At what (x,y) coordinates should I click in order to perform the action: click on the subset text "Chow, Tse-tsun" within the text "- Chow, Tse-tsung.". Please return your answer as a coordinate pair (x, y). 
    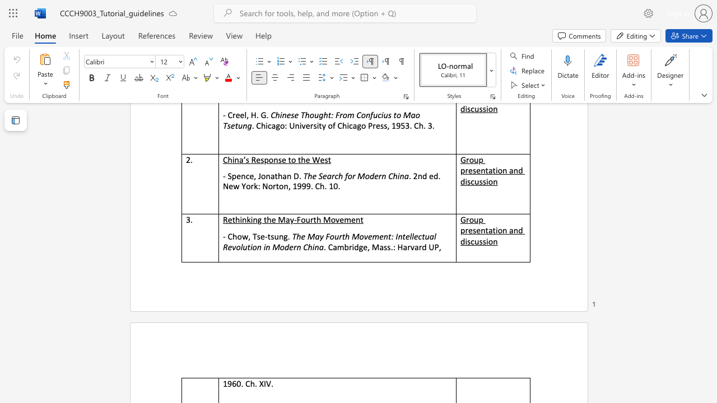
    Looking at the image, I should click on (227, 236).